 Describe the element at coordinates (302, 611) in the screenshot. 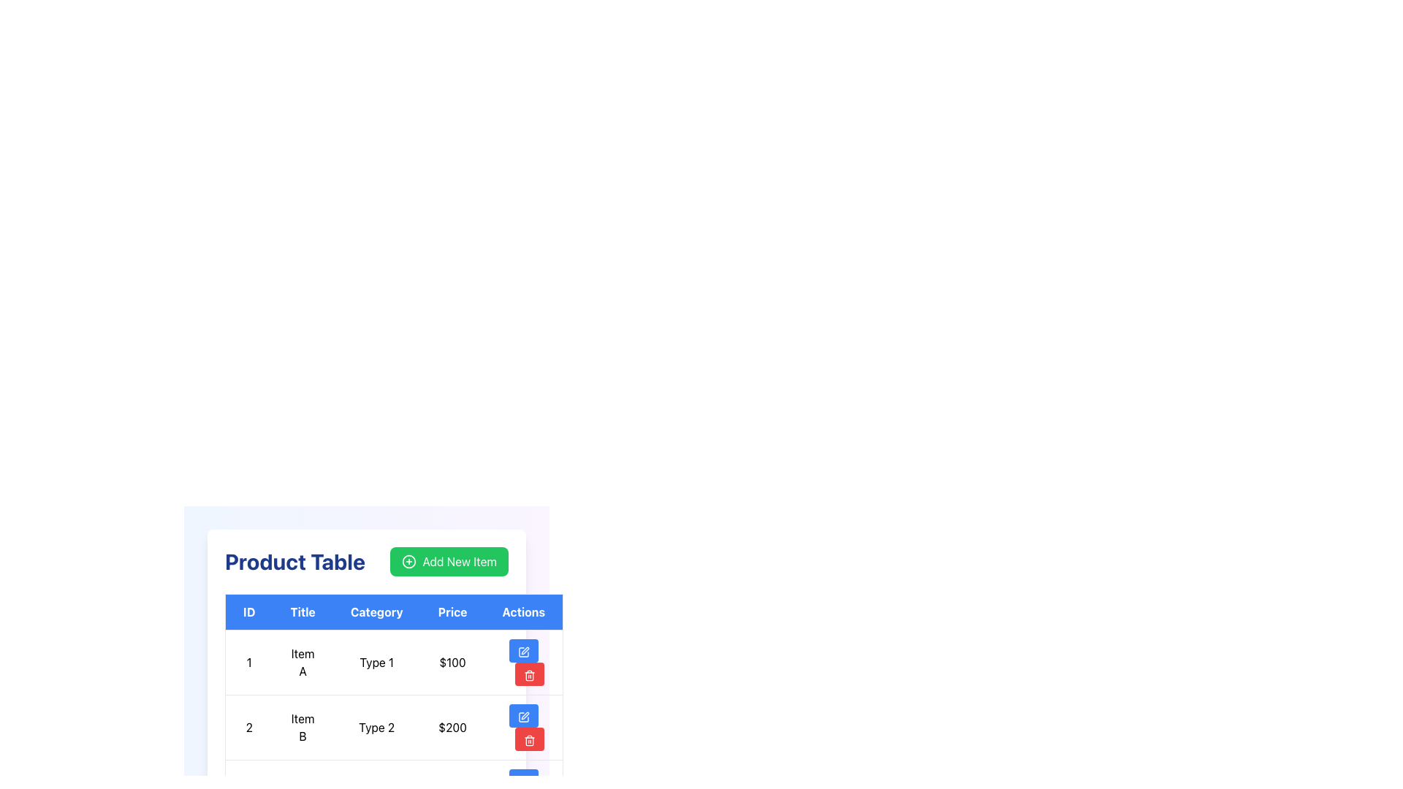

I see `the Table Header Cell labeled 'Title' with a blue background to sort the corresponding column` at that location.